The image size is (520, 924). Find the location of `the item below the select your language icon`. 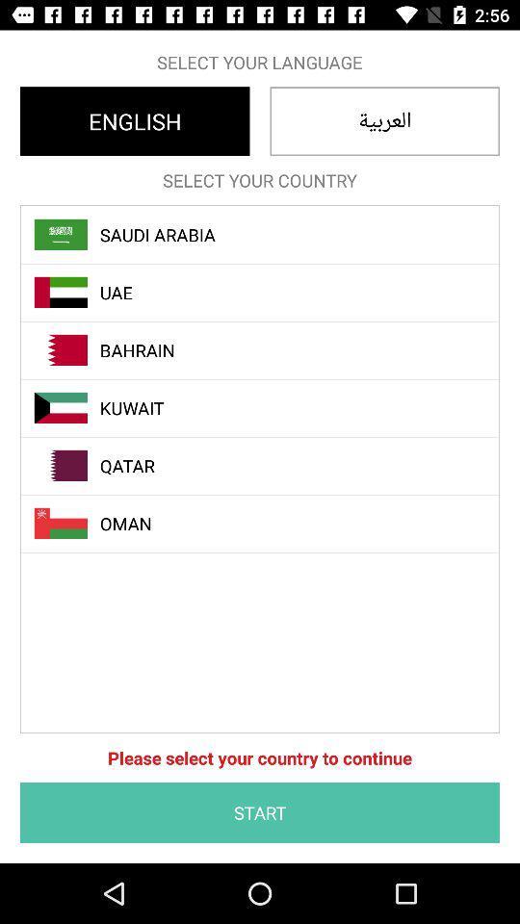

the item below the select your language icon is located at coordinates (384, 120).